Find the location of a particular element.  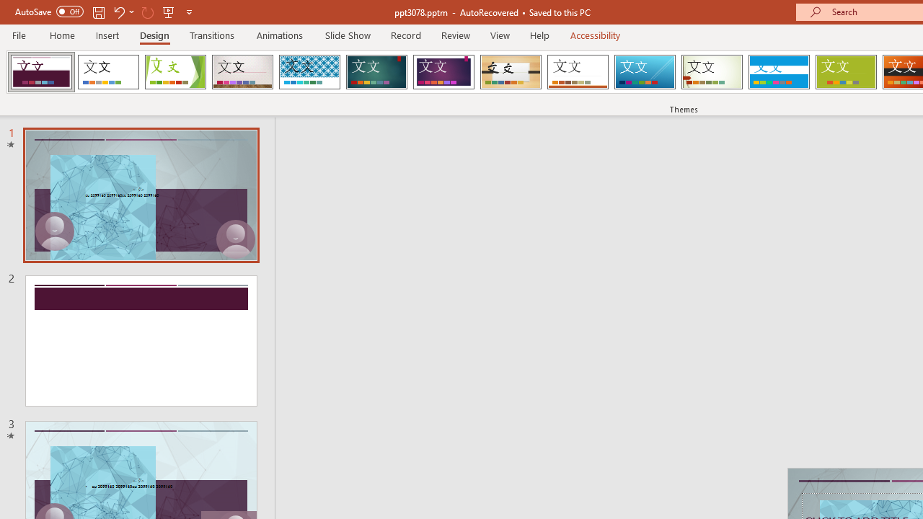

'Ion' is located at coordinates (376, 72).